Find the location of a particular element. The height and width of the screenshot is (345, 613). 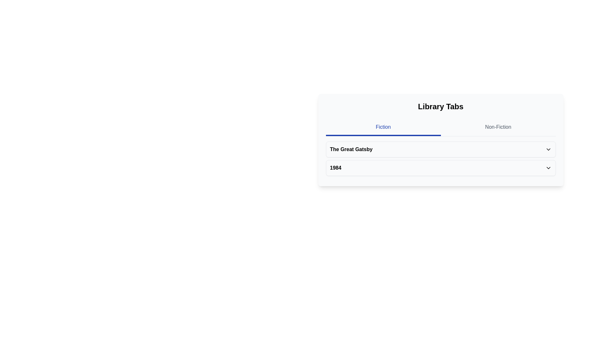

the Dropdown Trigger Icon, a minimalist chevron icon is located at coordinates (548, 149).